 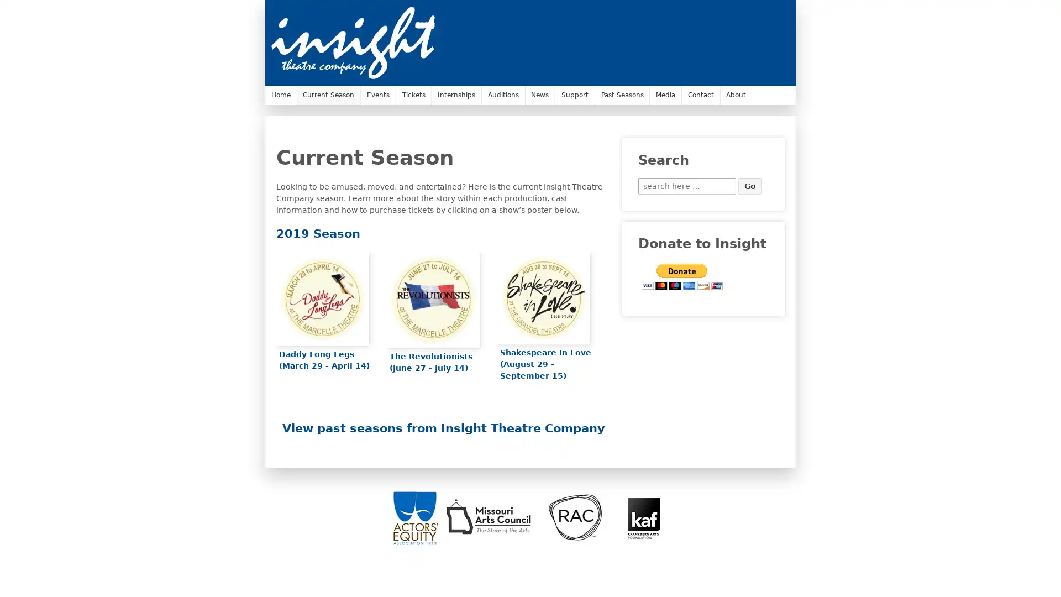 What do you see at coordinates (681, 275) in the screenshot?
I see `PayPal - The safer, easier way to pay online.` at bounding box center [681, 275].